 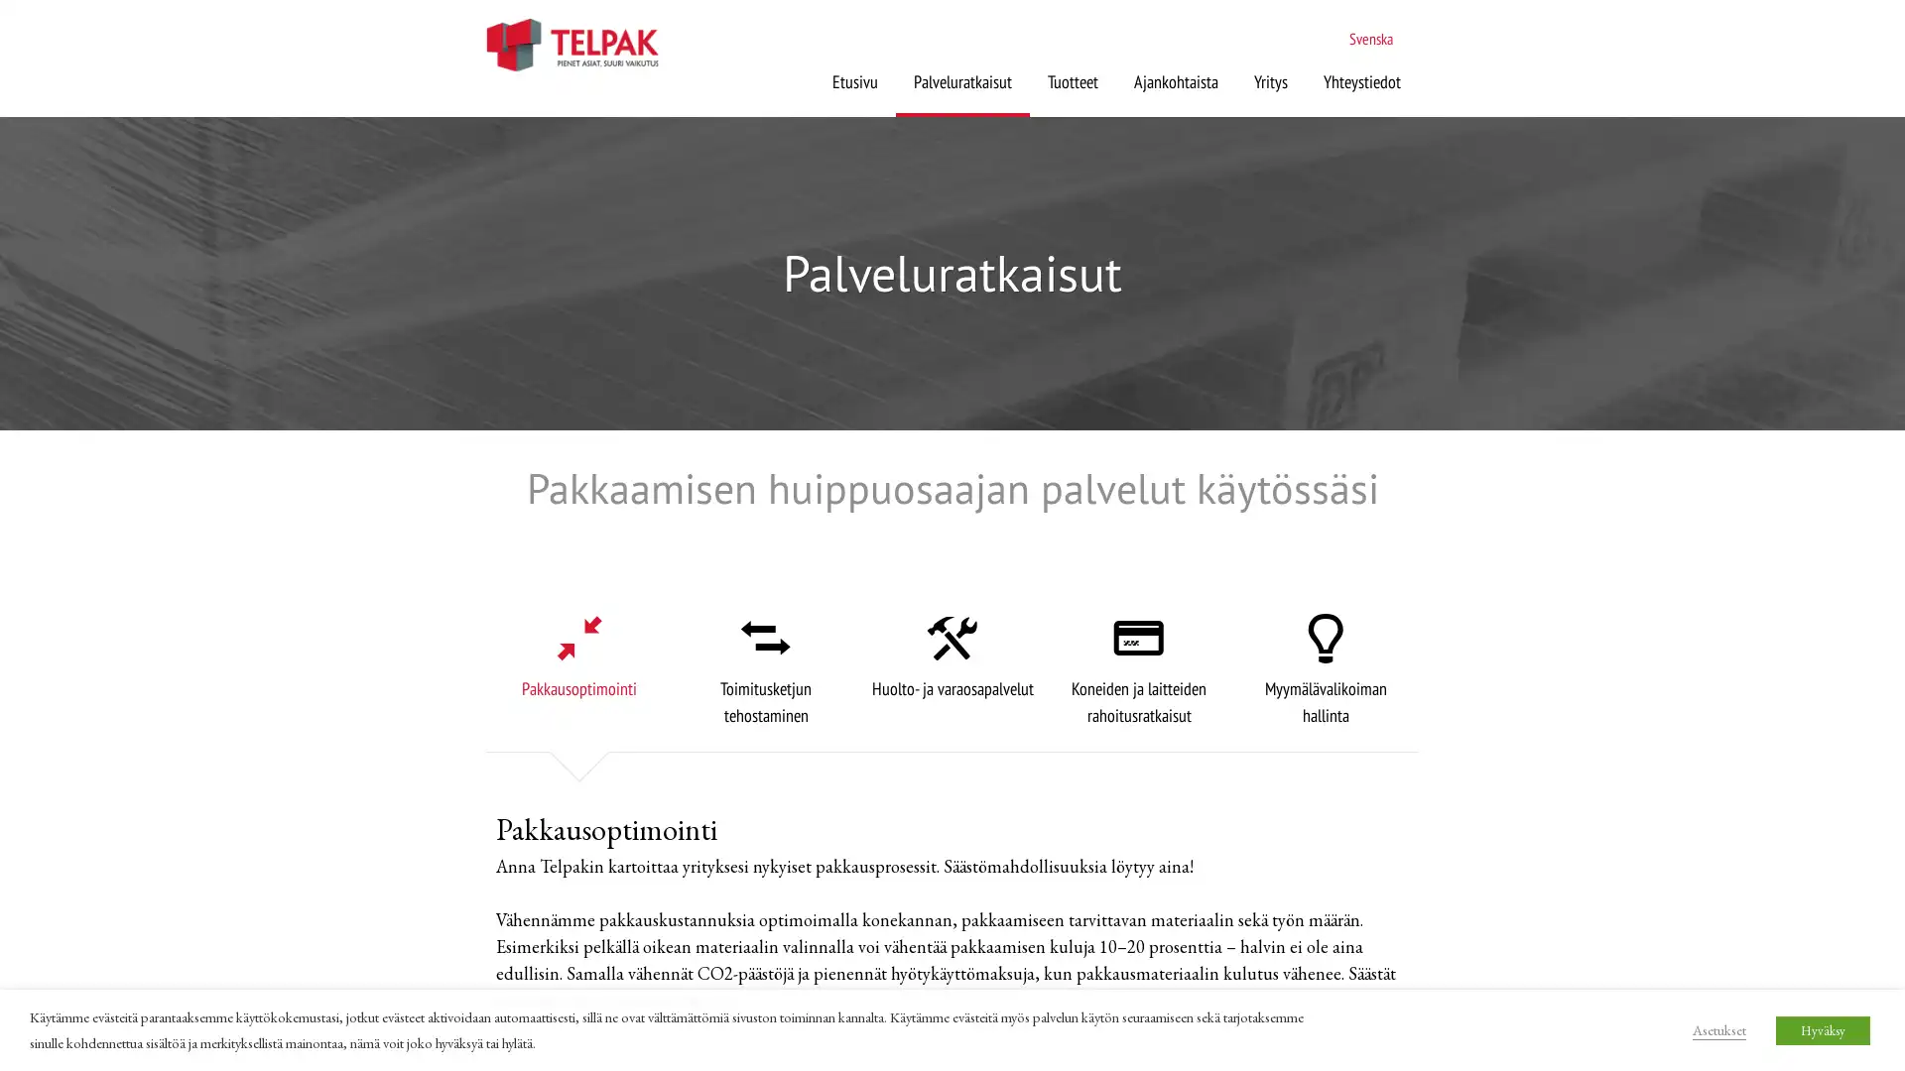 What do you see at coordinates (1823, 1028) in the screenshot?
I see `Hyvaksy` at bounding box center [1823, 1028].